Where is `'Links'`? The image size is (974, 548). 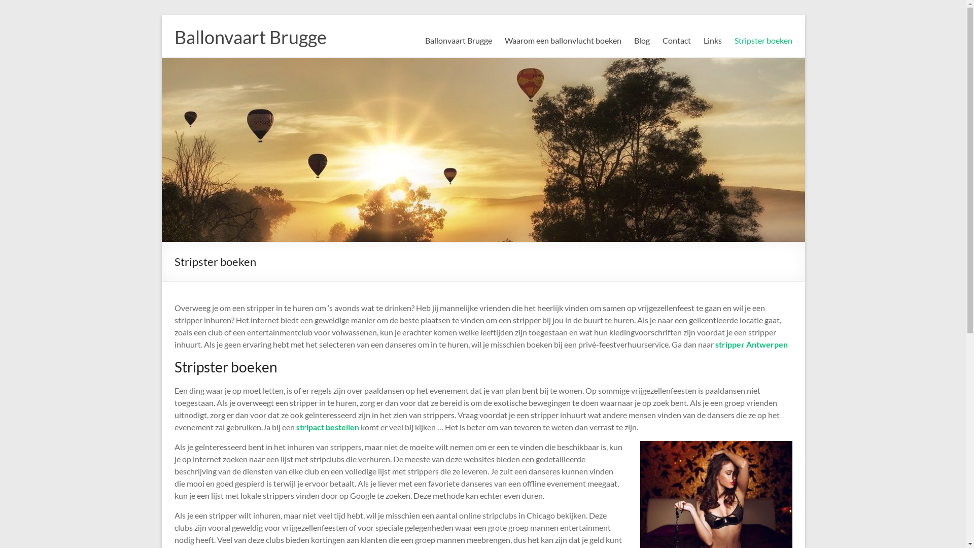
'Links' is located at coordinates (711, 40).